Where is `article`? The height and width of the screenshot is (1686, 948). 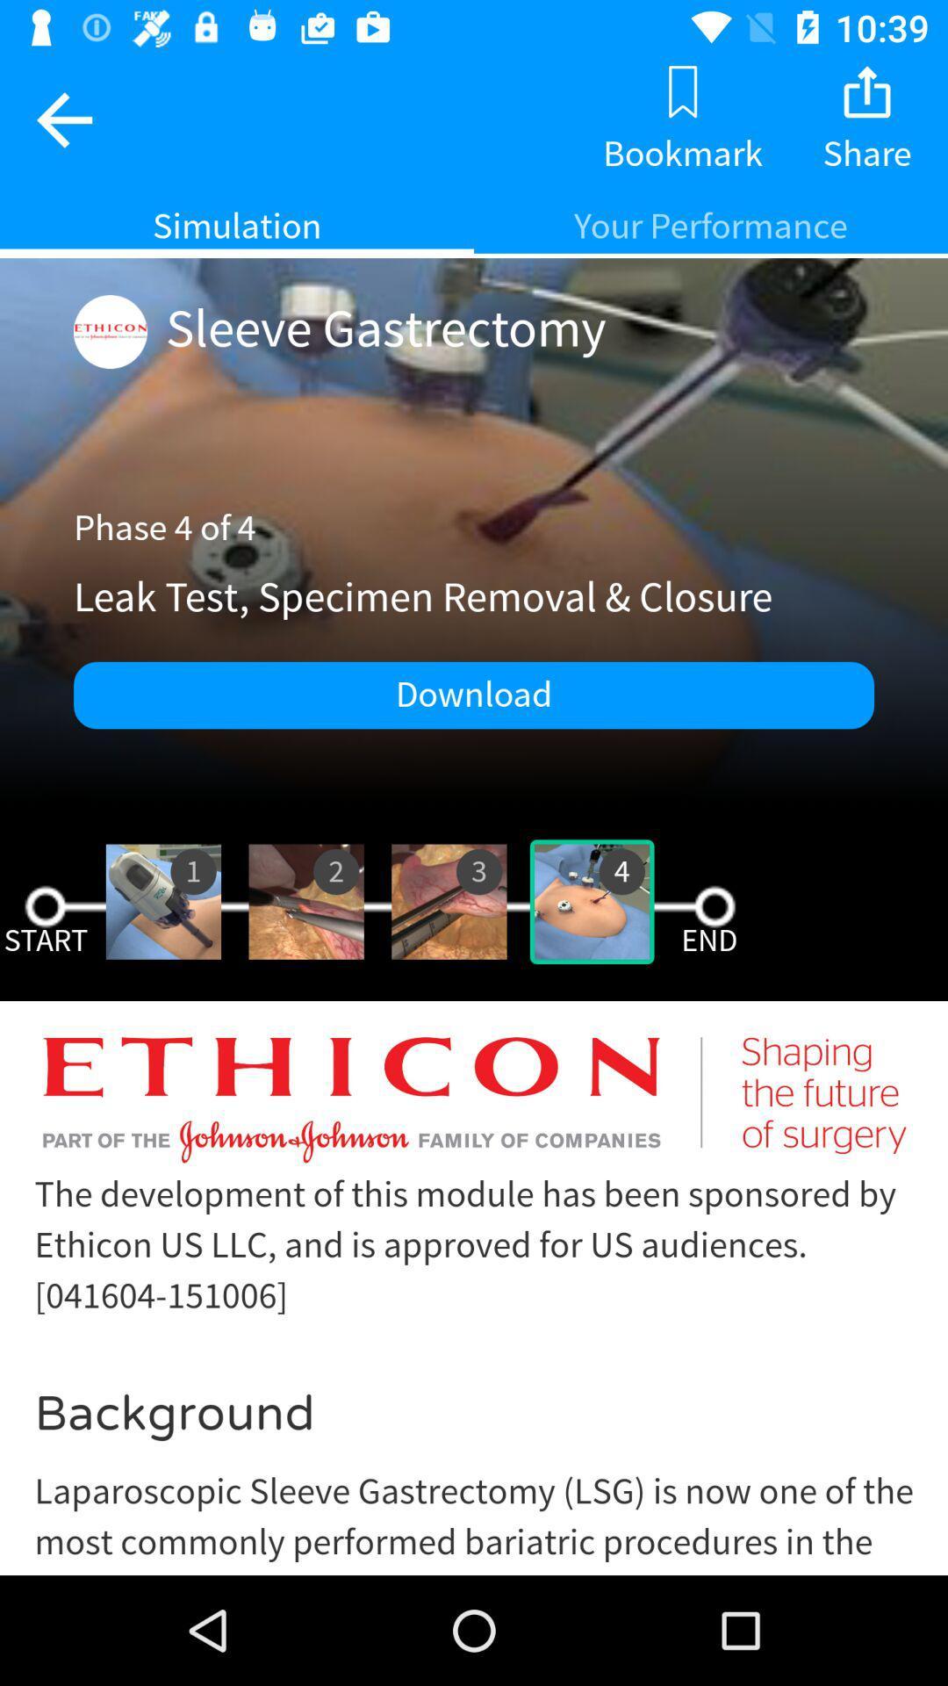 article is located at coordinates (474, 1301).